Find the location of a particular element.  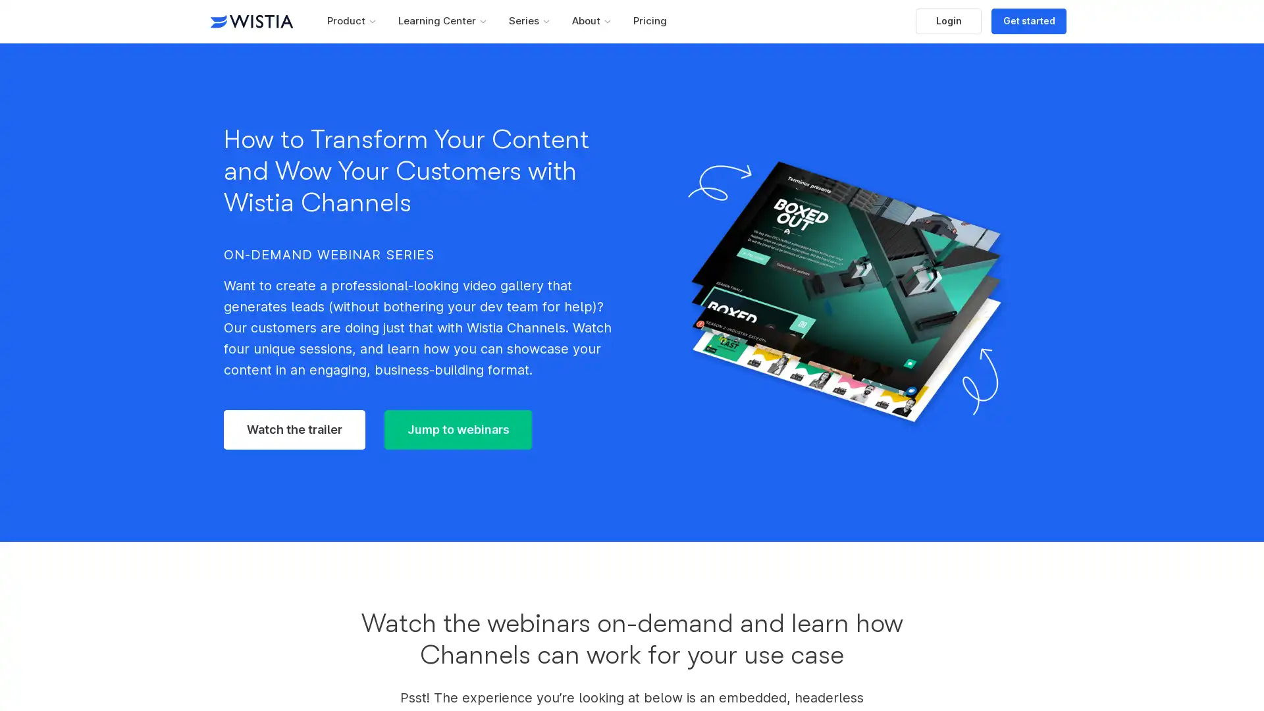

Learning Center is located at coordinates (442, 21).